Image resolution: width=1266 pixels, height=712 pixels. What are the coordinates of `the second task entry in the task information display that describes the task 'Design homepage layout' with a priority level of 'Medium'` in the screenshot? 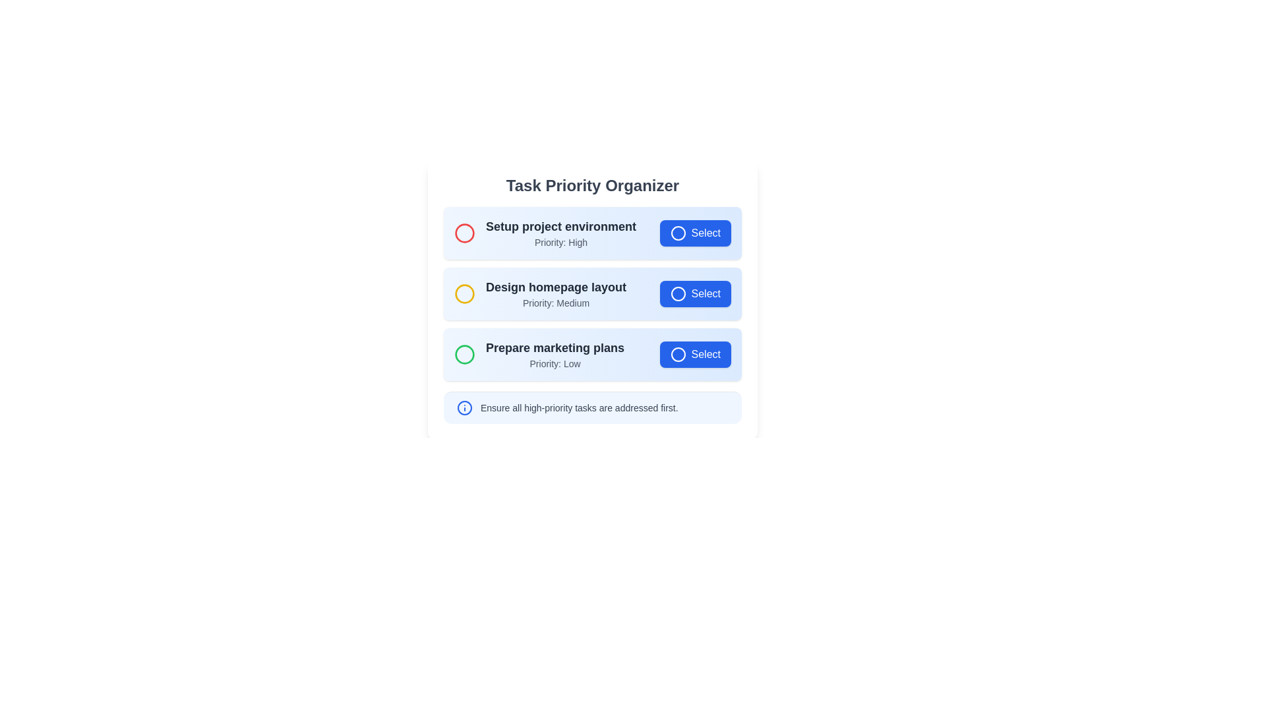 It's located at (540, 293).